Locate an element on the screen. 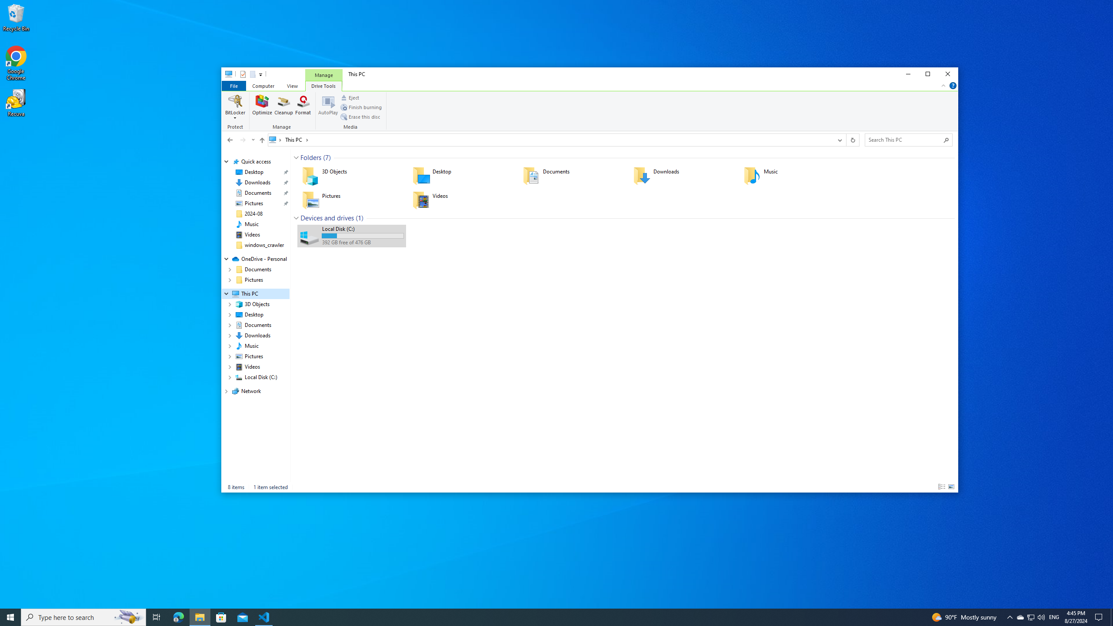  'View' is located at coordinates (292, 85).